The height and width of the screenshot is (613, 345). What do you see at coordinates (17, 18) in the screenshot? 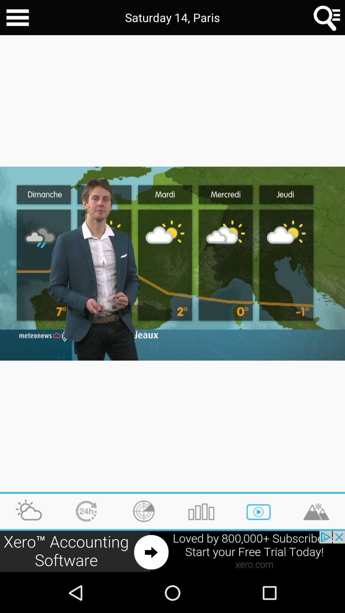
I see `share the articles` at bounding box center [17, 18].